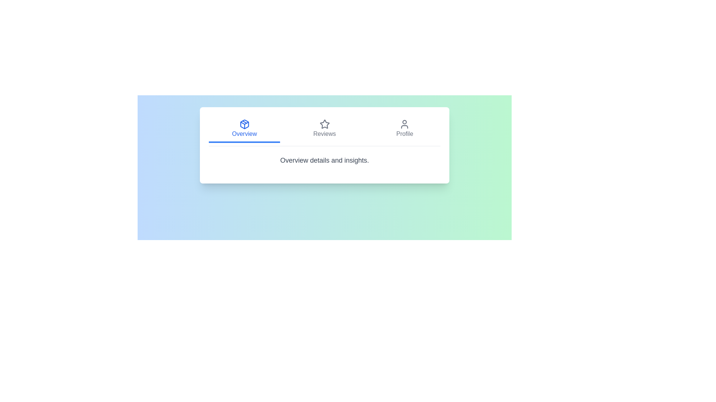  I want to click on the Profile tab by clicking on it, so click(404, 129).